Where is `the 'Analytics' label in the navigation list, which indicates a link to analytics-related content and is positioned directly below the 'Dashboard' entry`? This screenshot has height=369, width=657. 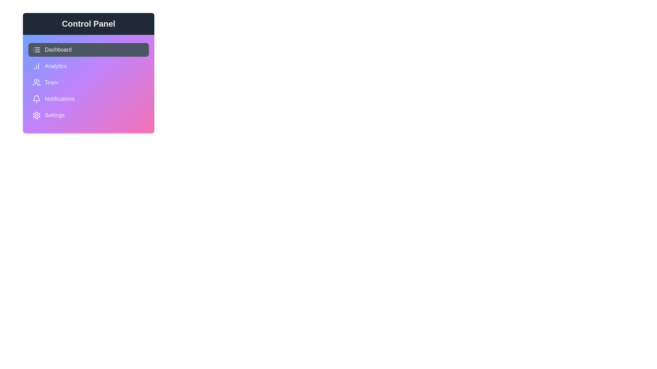
the 'Analytics' label in the navigation list, which indicates a link to analytics-related content and is positioned directly below the 'Dashboard' entry is located at coordinates (56, 66).